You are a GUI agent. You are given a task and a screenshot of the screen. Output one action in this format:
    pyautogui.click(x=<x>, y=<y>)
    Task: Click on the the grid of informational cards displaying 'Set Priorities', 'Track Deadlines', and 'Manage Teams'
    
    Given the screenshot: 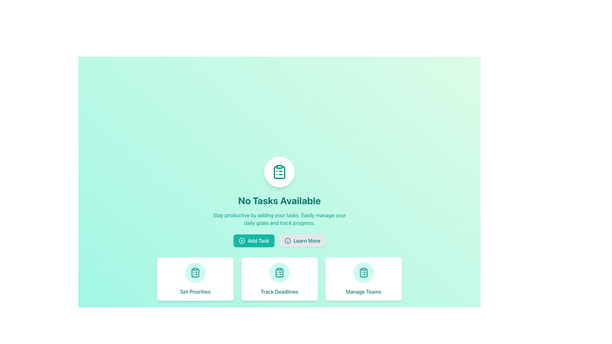 What is the action you would take?
    pyautogui.click(x=280, y=278)
    